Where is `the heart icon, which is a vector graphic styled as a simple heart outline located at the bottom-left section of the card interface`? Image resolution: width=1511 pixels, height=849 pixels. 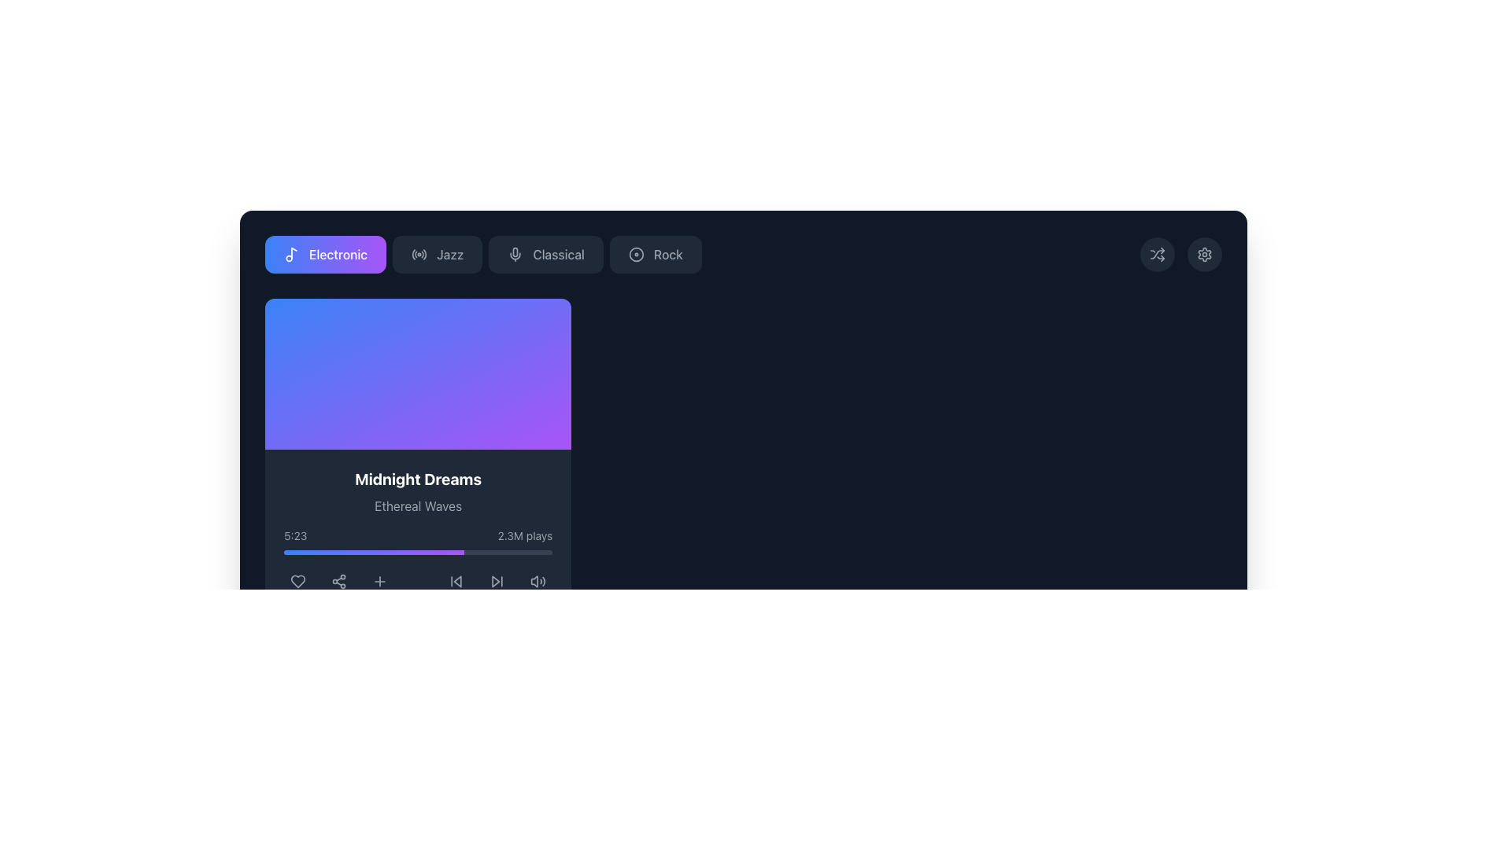 the heart icon, which is a vector graphic styled as a simple heart outline located at the bottom-left section of the card interface is located at coordinates (298, 582).